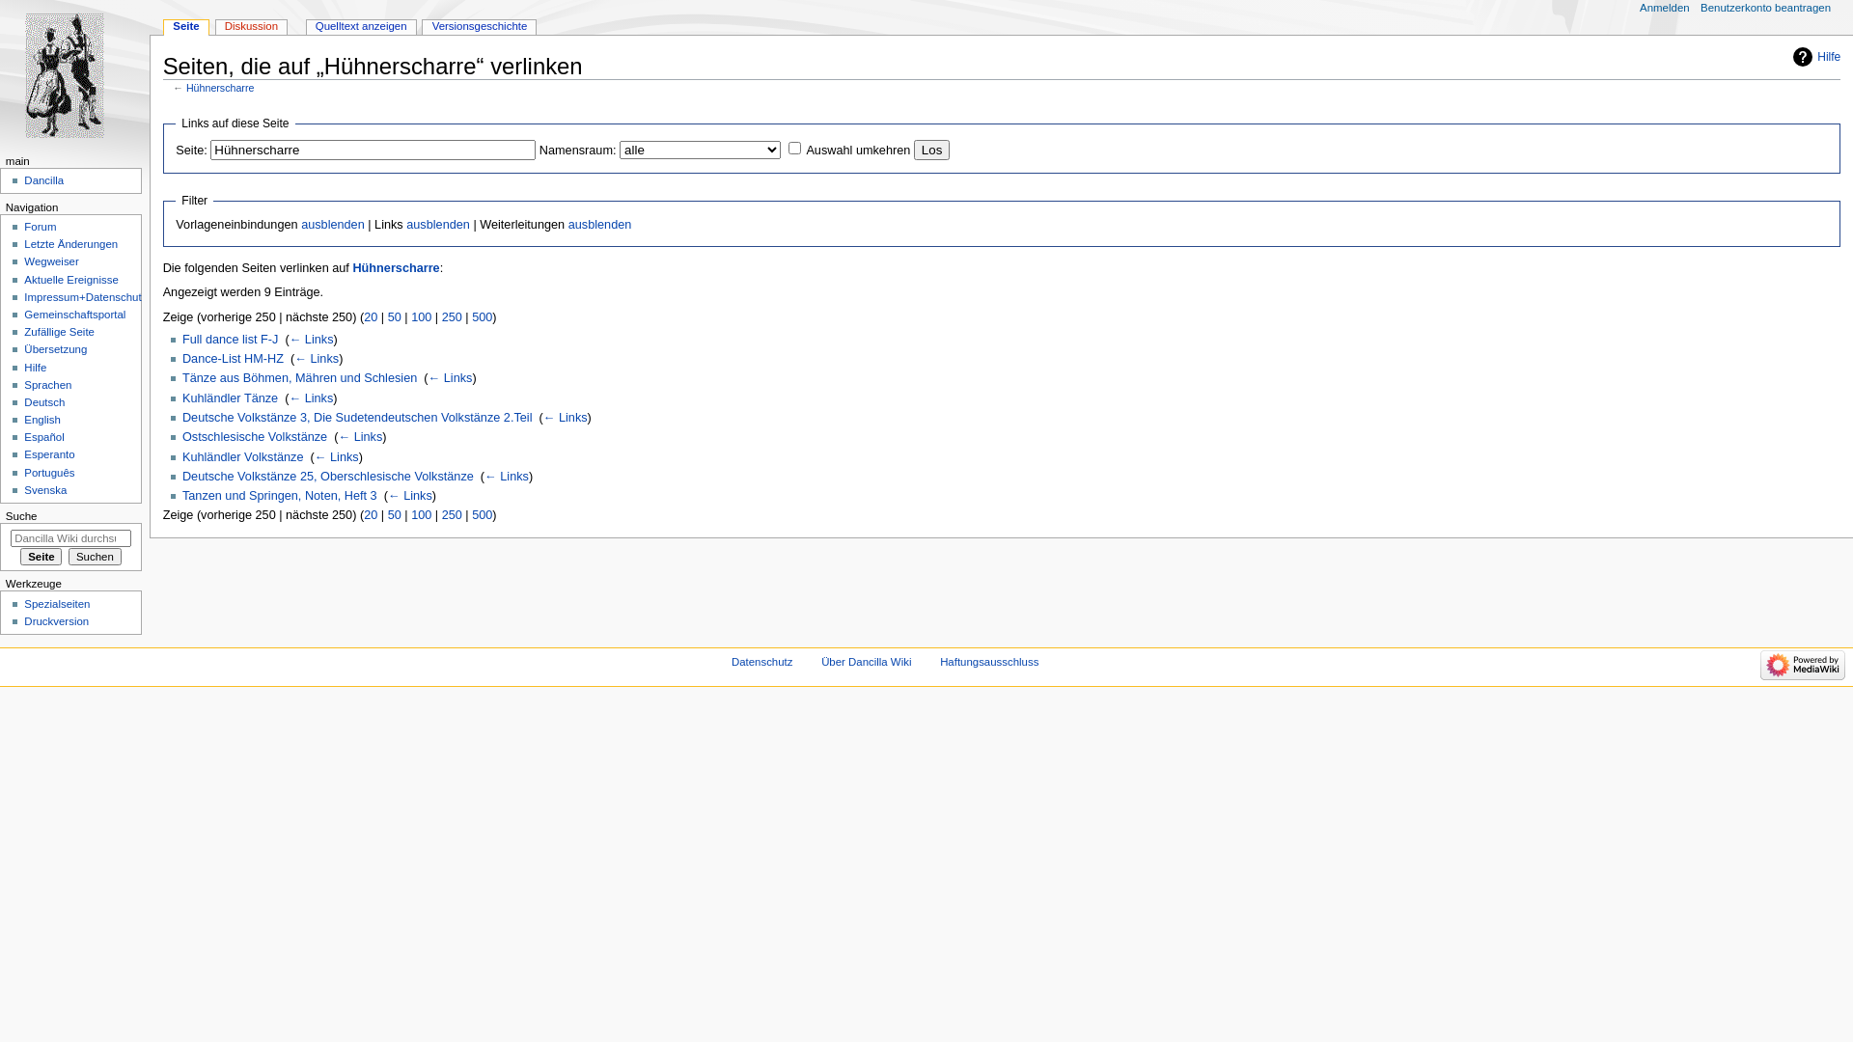  I want to click on 'Quelltext anzeigen', so click(361, 27).